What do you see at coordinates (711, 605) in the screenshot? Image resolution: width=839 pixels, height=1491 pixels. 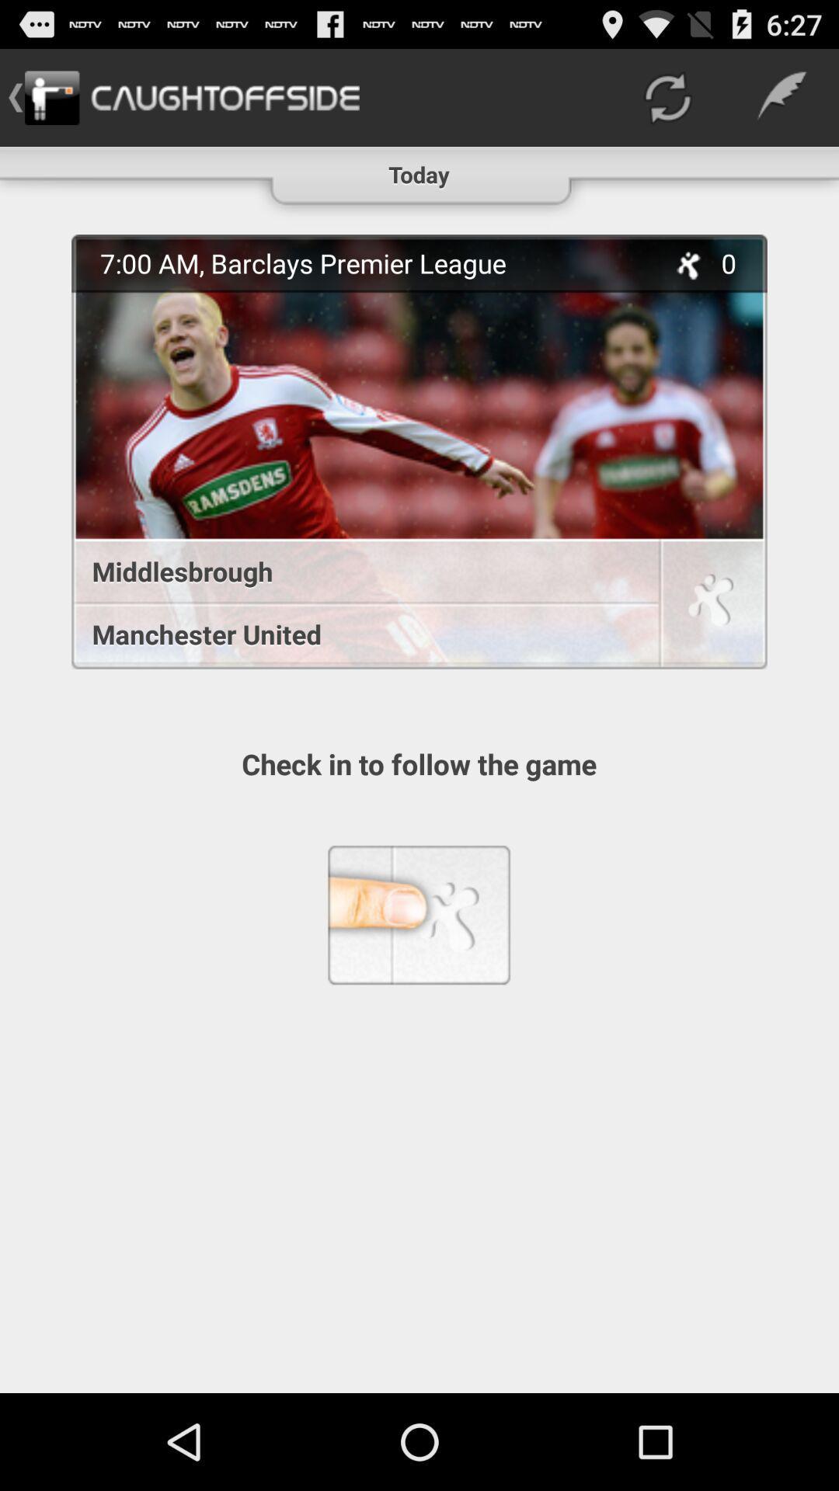 I see `check in` at bounding box center [711, 605].